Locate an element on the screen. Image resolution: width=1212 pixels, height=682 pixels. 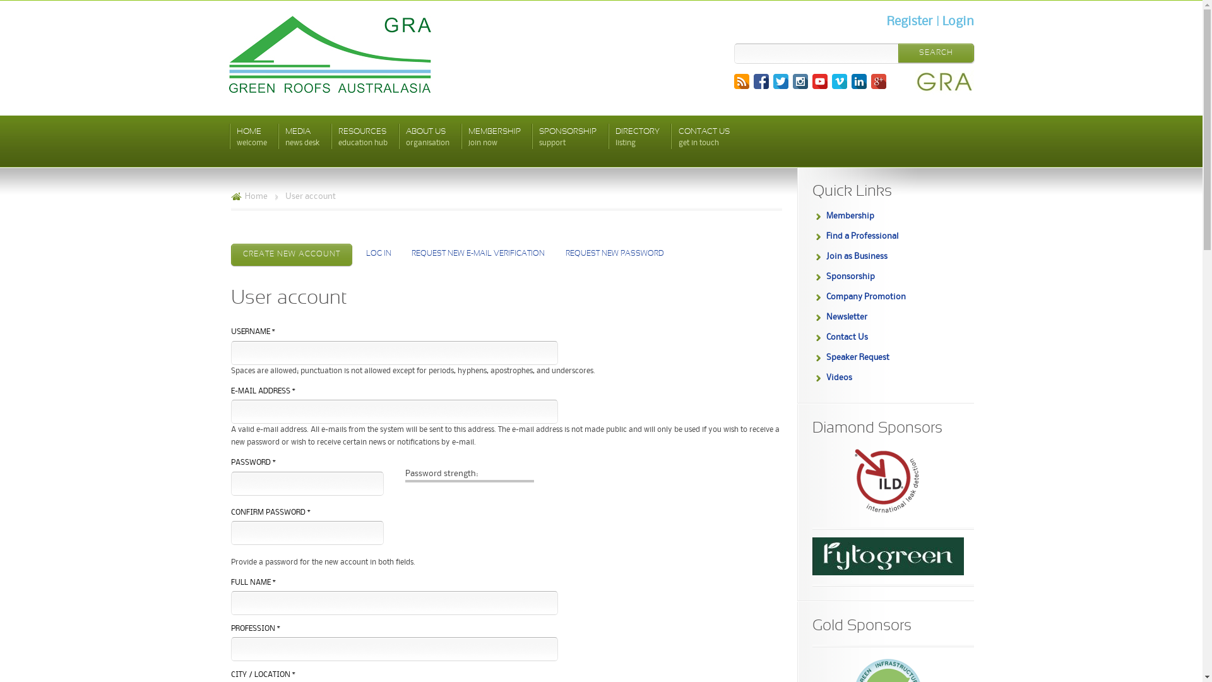
'RESOURCES is located at coordinates (362, 139).